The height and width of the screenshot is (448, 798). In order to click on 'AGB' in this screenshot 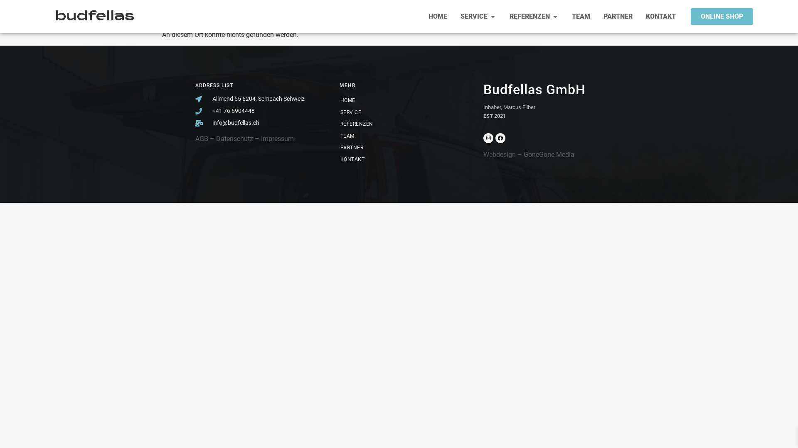, I will do `click(195, 138)`.